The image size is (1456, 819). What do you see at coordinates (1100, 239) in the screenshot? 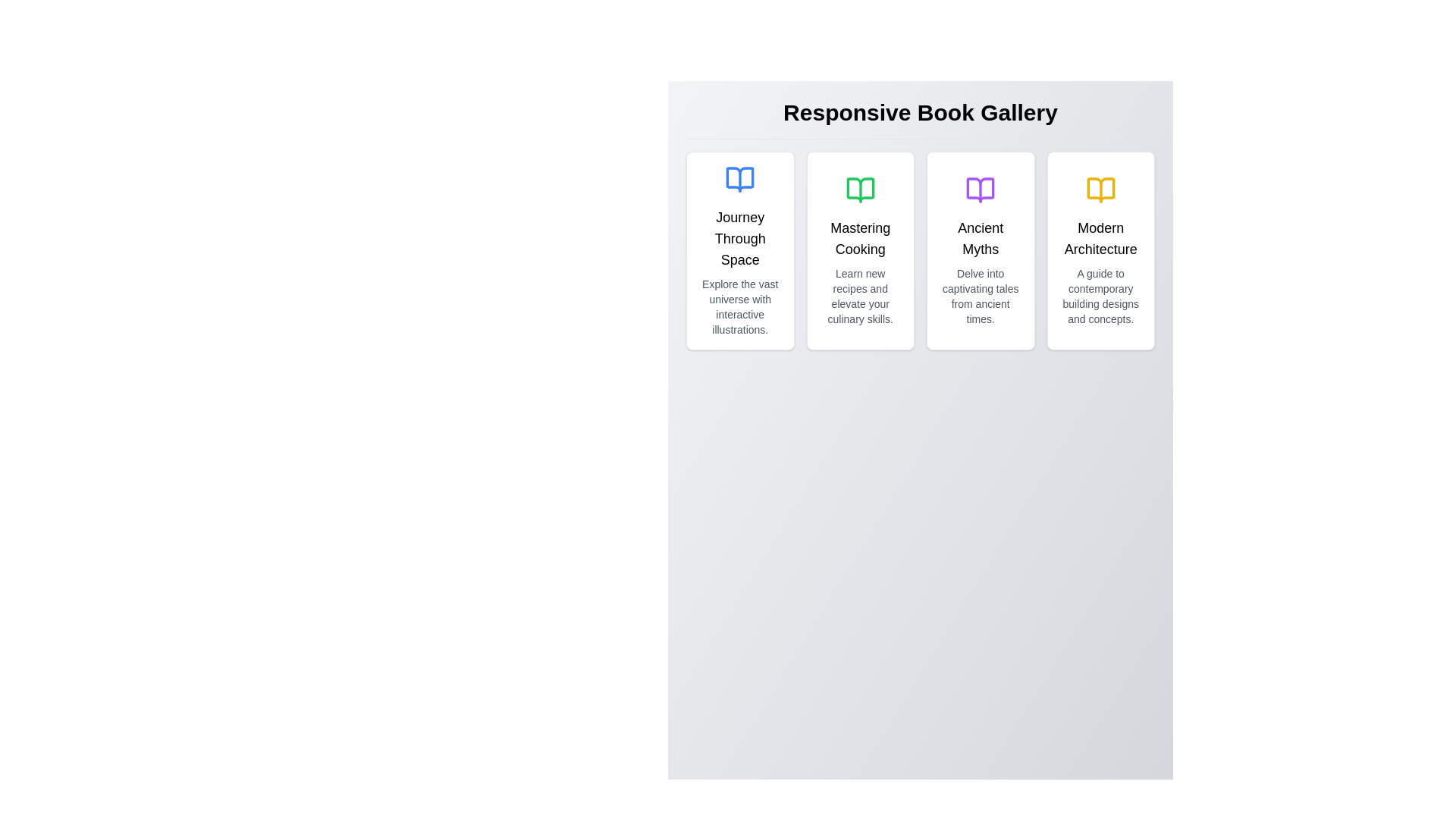
I see `the text label identifying the topic of 'Modern Architecture'` at bounding box center [1100, 239].